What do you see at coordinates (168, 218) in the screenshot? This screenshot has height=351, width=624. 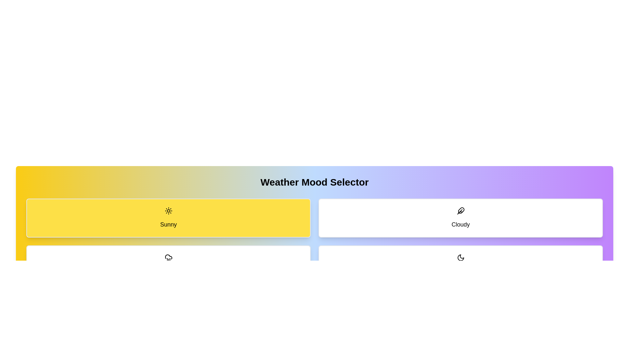 I see `the weather mode button corresponding to Sunny` at bounding box center [168, 218].